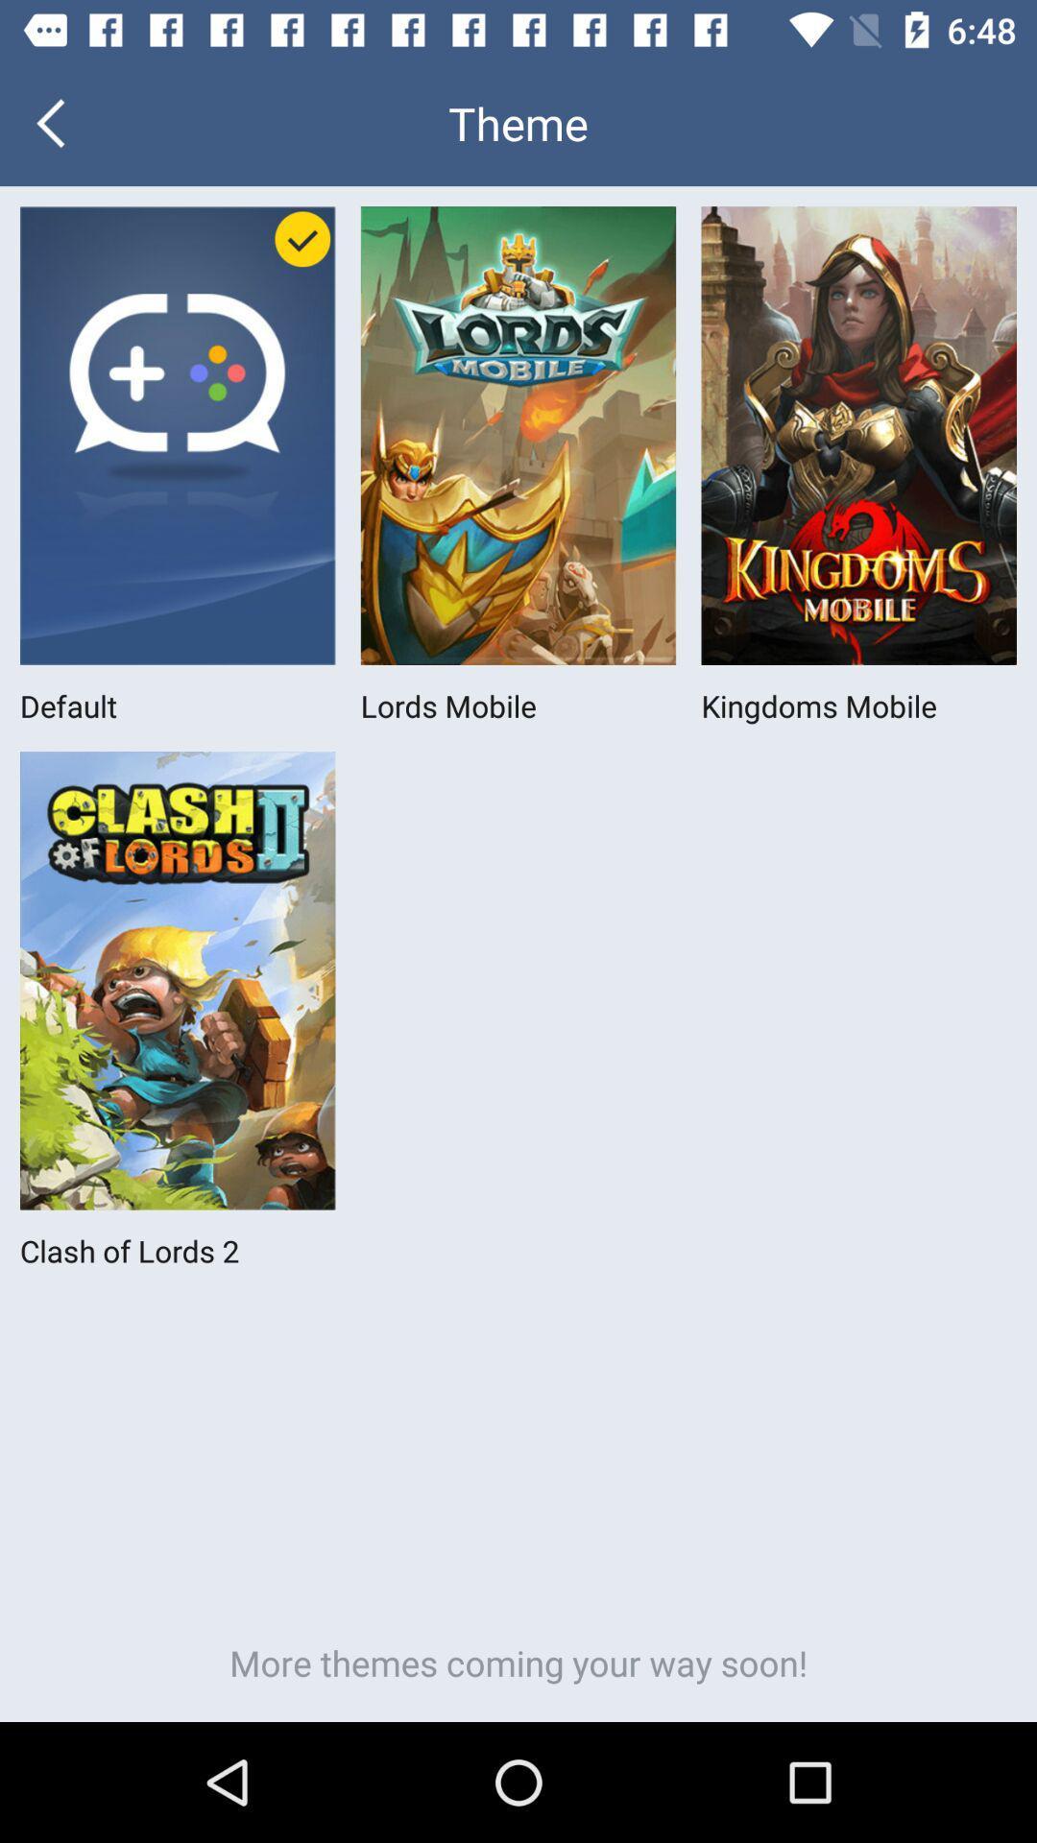 Image resolution: width=1037 pixels, height=1843 pixels. I want to click on the theme icon, so click(518, 122).